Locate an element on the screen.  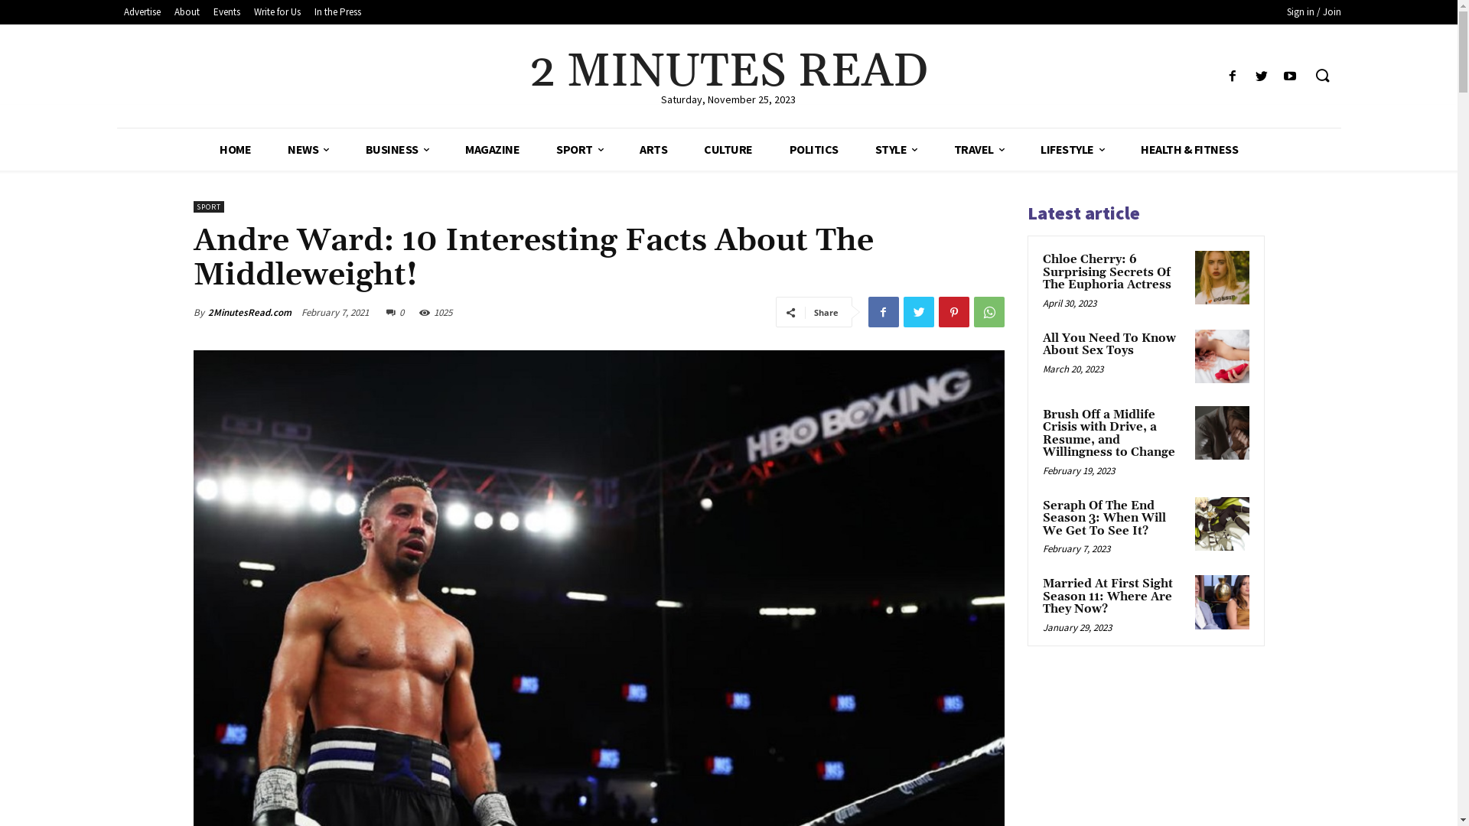
'All You Need To Know About Sex Toys' is located at coordinates (1221, 356).